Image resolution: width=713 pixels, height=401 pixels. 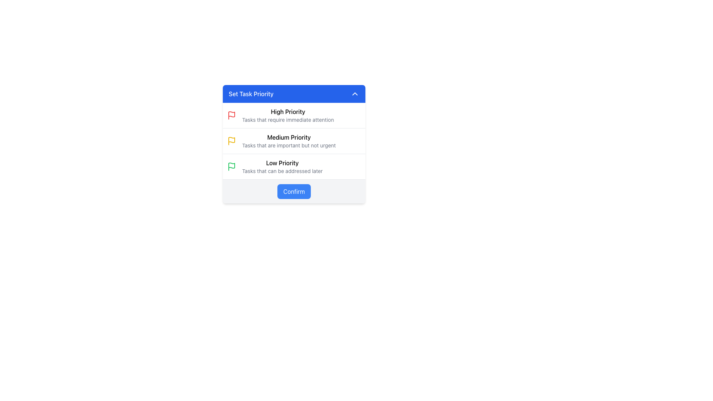 I want to click on the first item in the vertical list of task priority options within the 'Set Task Priority' dialog box, so click(x=294, y=115).